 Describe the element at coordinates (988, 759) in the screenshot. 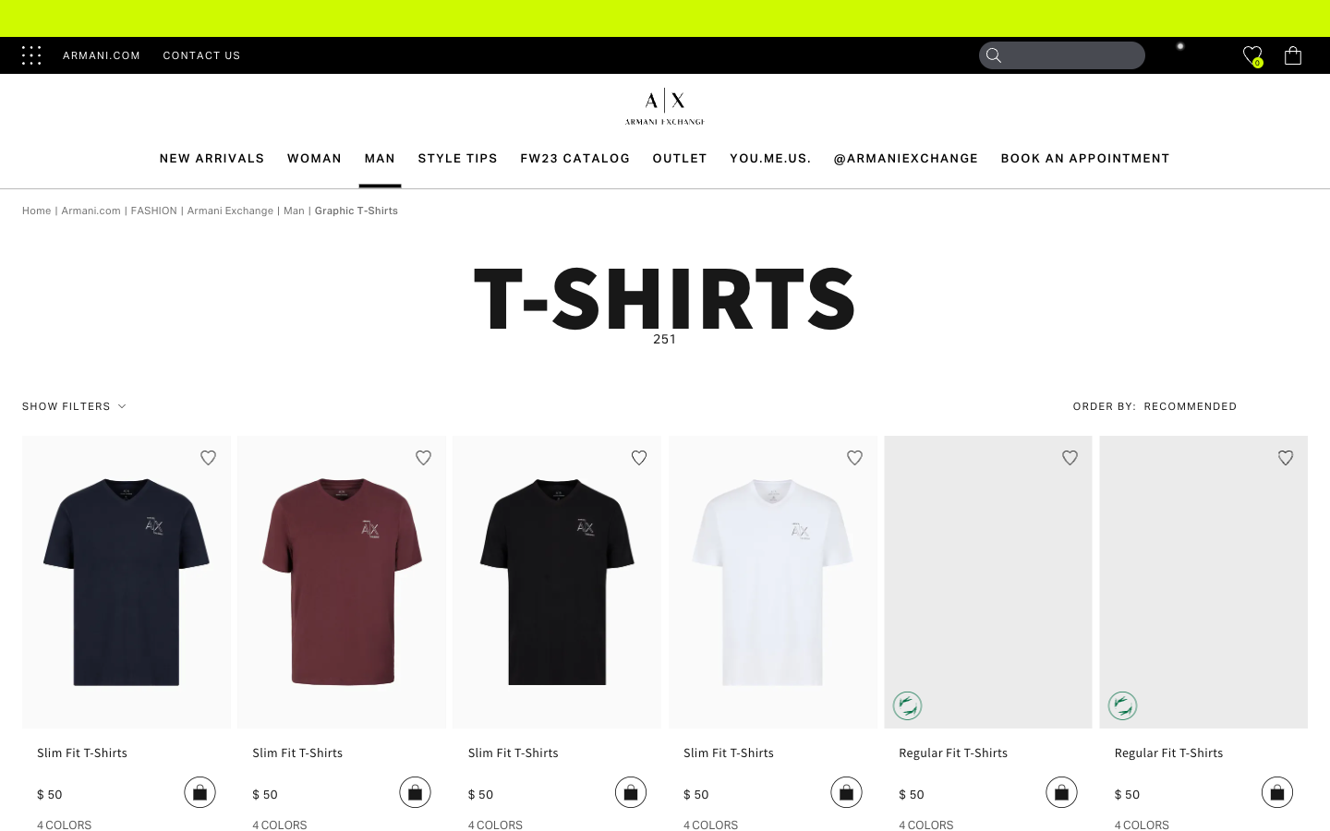

I see `the regular fit T-shirts to navigate to that selection` at that location.